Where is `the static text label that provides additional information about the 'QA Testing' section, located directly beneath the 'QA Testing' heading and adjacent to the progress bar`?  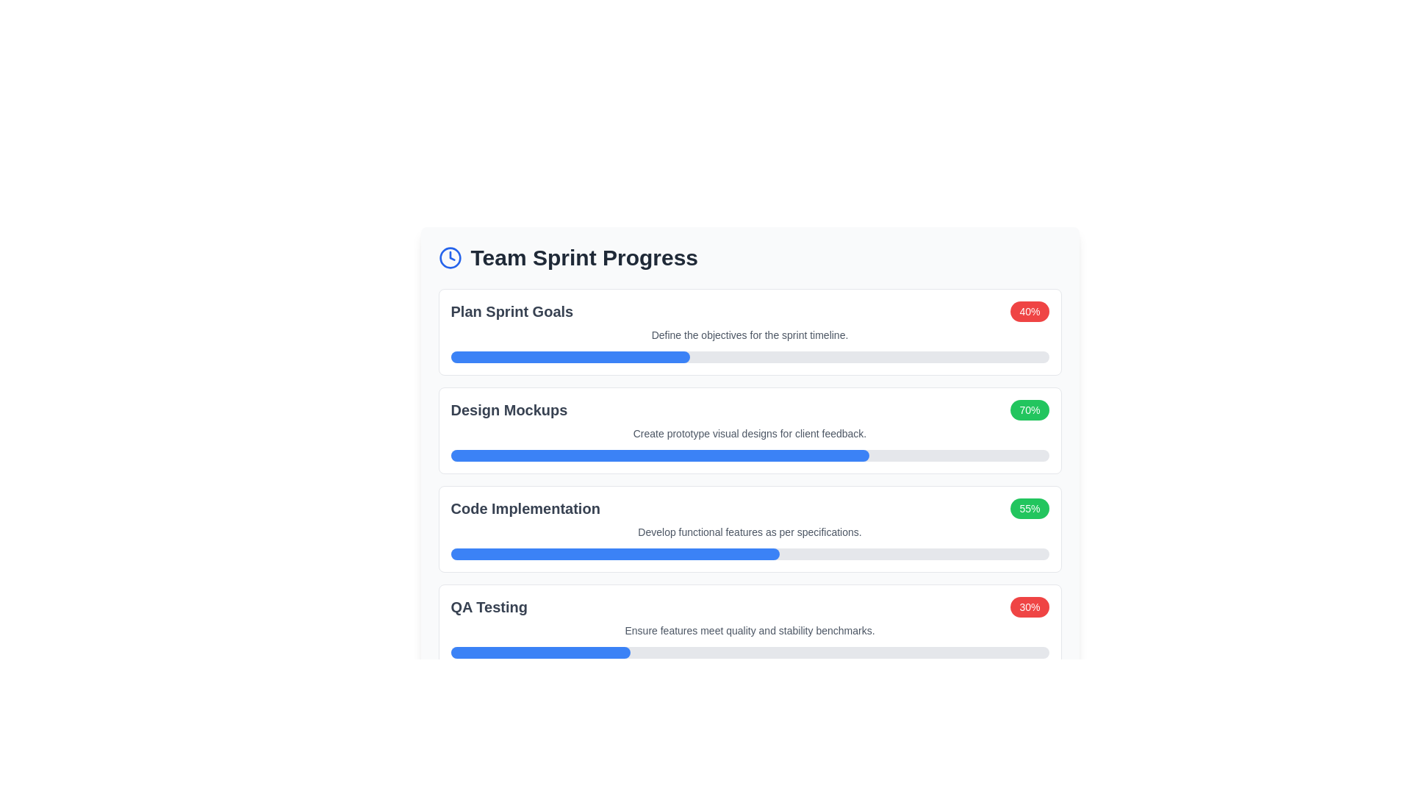 the static text label that provides additional information about the 'QA Testing' section, located directly beneath the 'QA Testing' heading and adjacent to the progress bar is located at coordinates (750, 629).